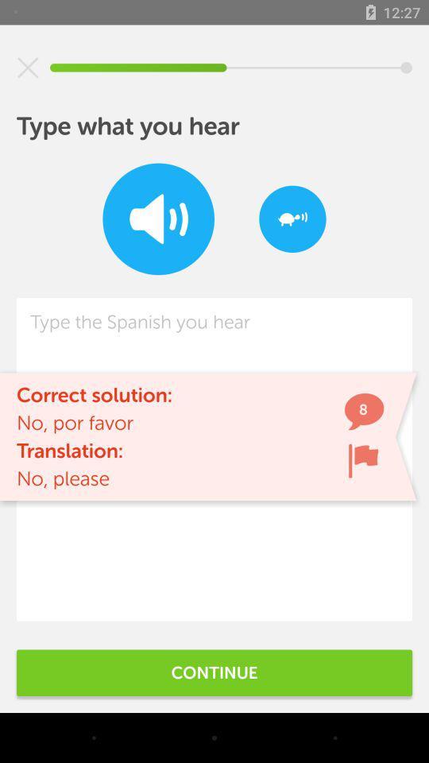  I want to click on click out of this screen, so click(28, 68).